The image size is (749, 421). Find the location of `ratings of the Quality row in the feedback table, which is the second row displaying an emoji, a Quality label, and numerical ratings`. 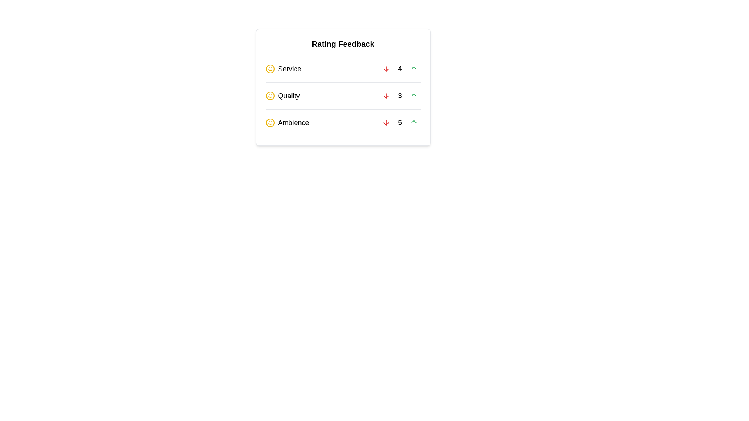

ratings of the Quality row in the feedback table, which is the second row displaying an emoji, a Quality label, and numerical ratings is located at coordinates (343, 95).